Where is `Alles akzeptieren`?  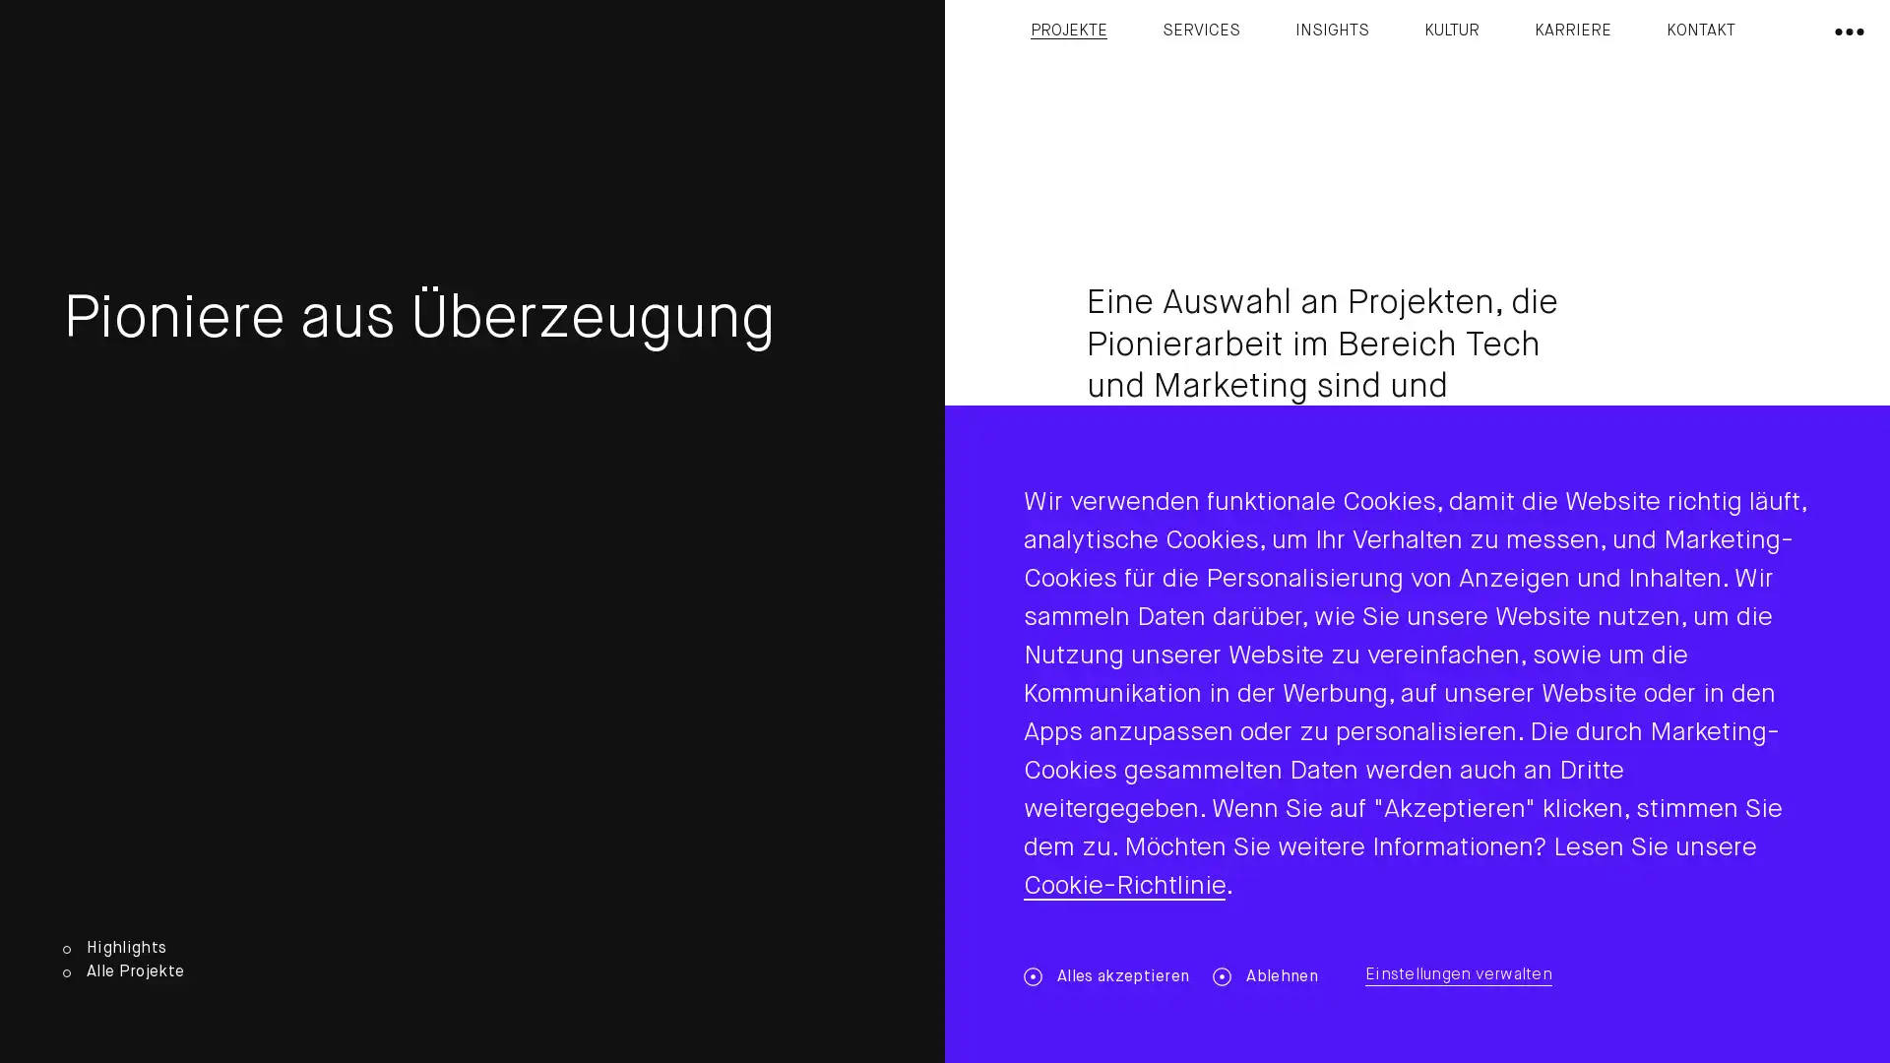 Alles akzeptieren is located at coordinates (1105, 976).